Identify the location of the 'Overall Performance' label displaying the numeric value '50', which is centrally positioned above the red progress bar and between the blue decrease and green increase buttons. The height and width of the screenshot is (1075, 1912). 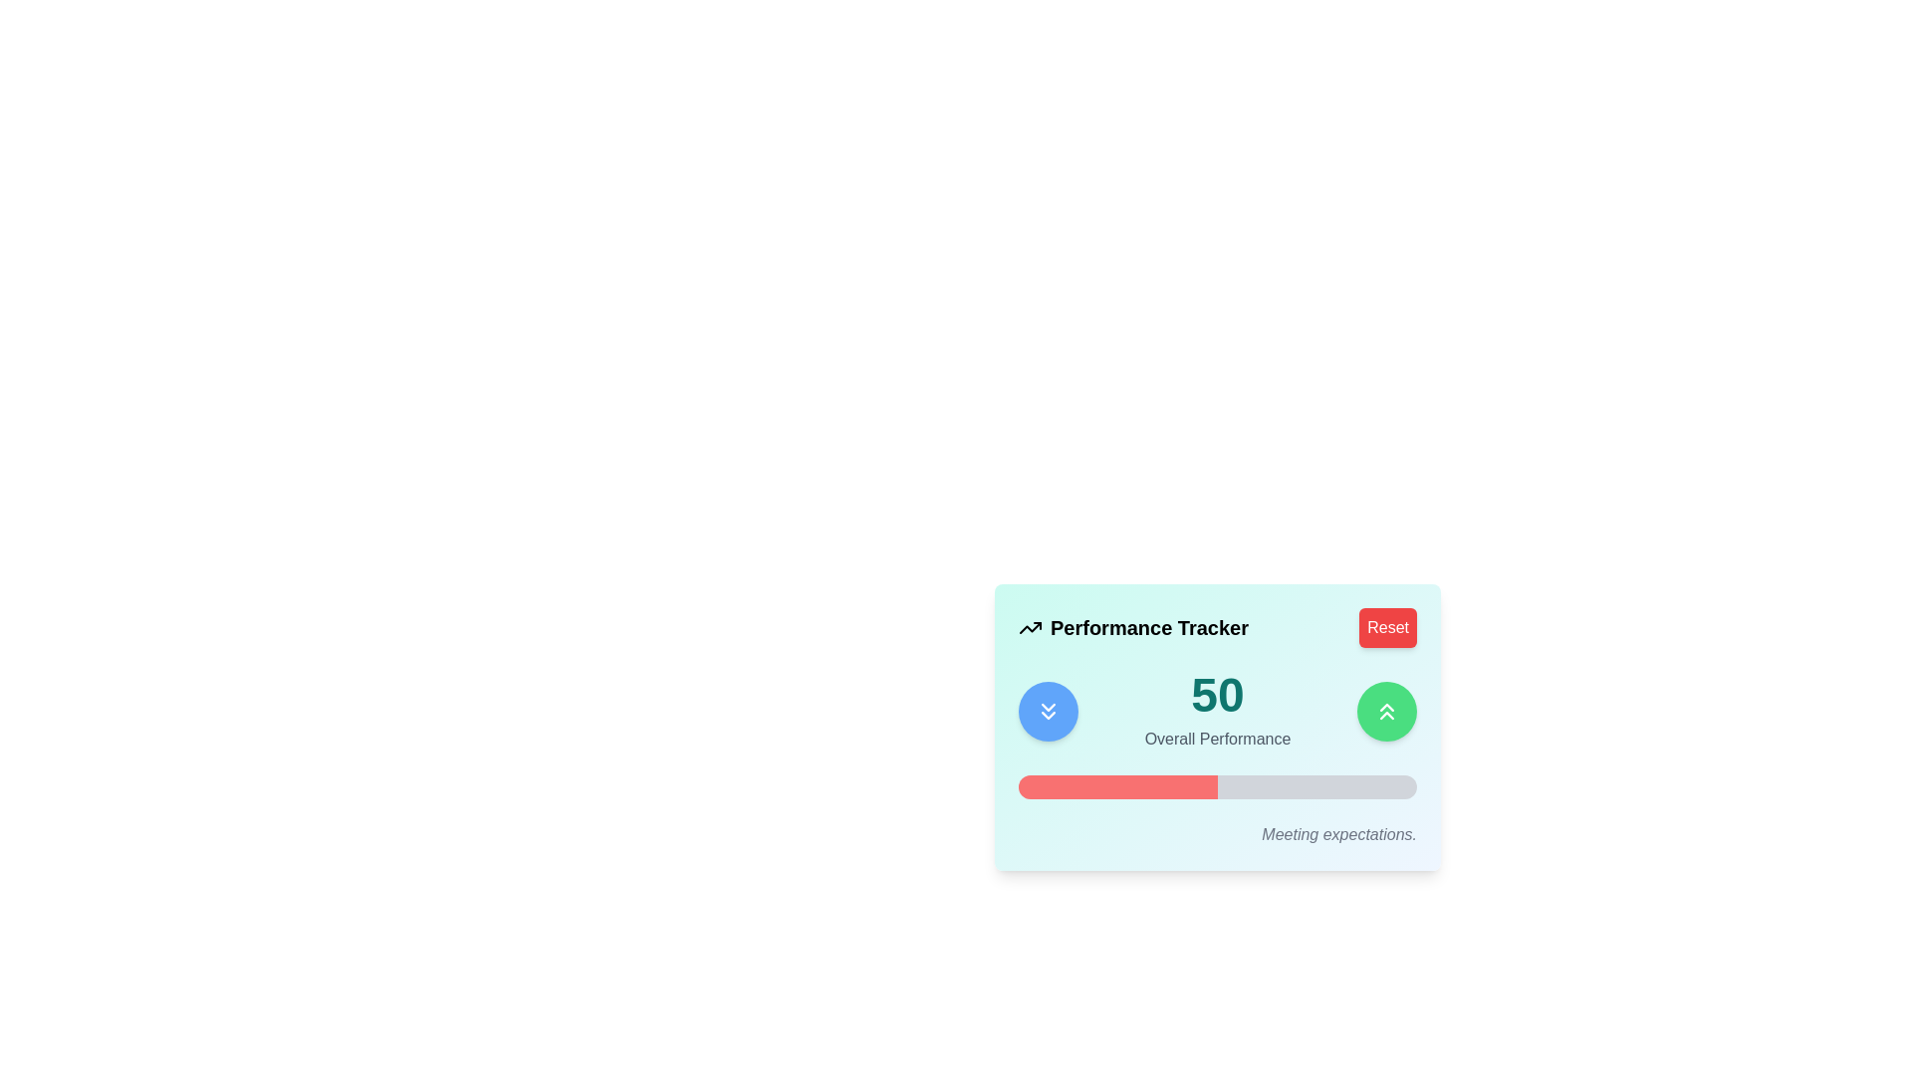
(1217, 710).